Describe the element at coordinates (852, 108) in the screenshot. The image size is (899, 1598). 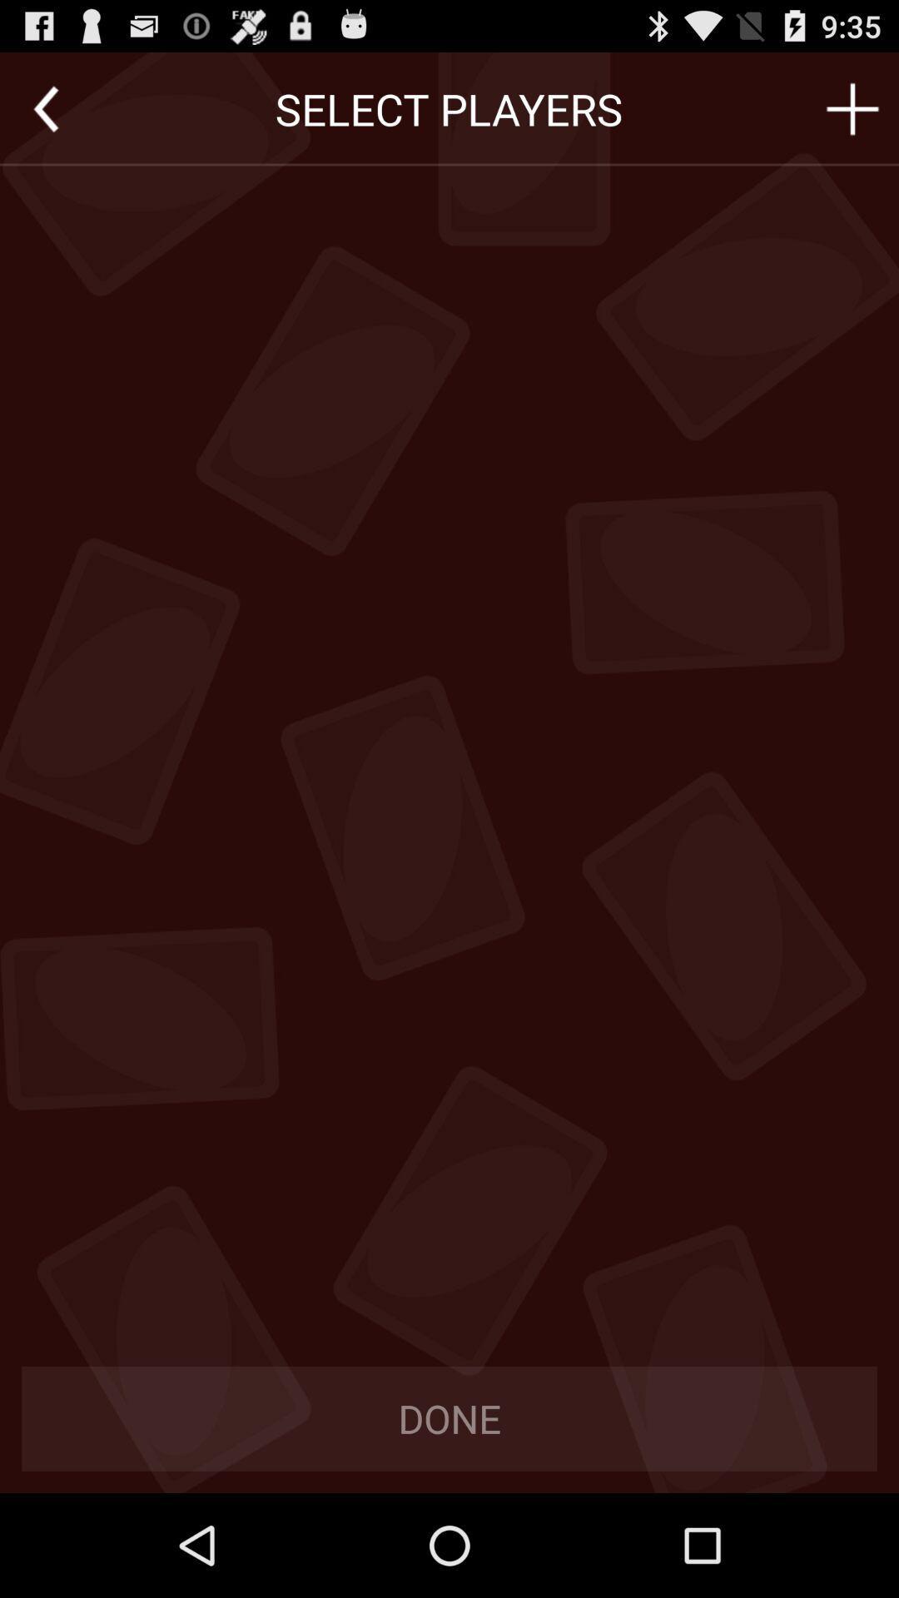
I see `players` at that location.